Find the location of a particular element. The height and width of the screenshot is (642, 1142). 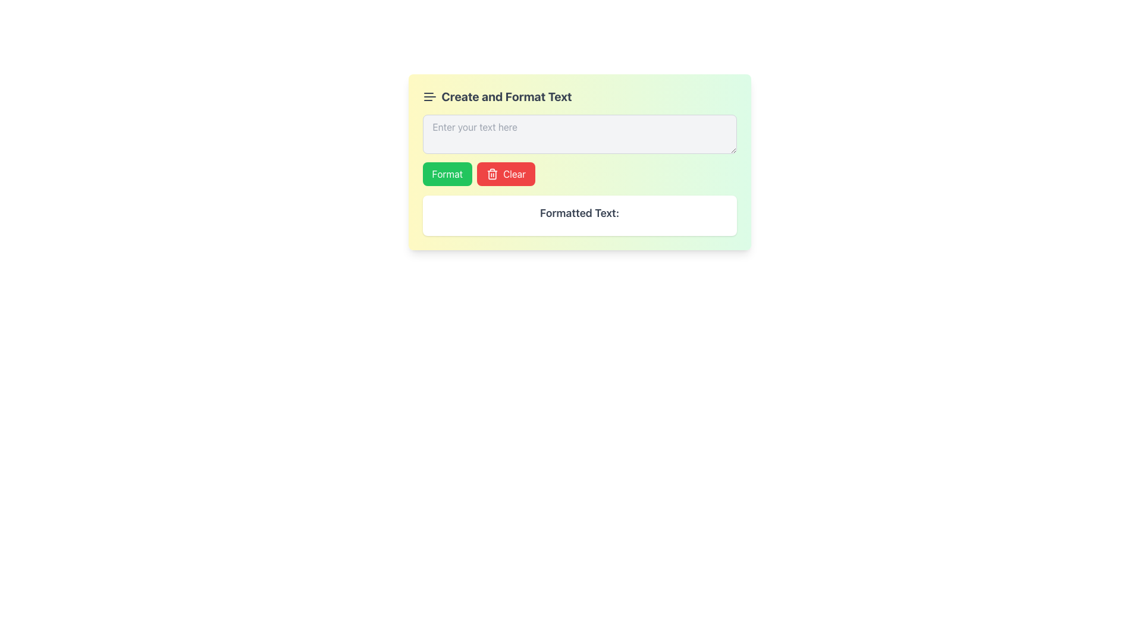

the red trash can icon located within the 'Clear' button, which is positioned to the right of the 'Format' button in the bottom section of the interface panel is located at coordinates (492, 174).